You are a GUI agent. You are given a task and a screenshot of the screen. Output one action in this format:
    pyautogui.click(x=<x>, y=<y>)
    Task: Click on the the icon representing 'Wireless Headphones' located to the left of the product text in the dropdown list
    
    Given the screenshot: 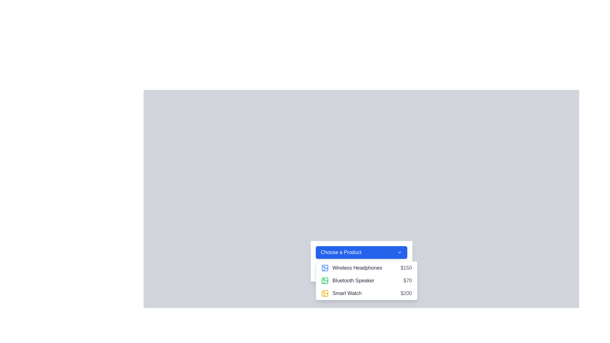 What is the action you would take?
    pyautogui.click(x=325, y=268)
    